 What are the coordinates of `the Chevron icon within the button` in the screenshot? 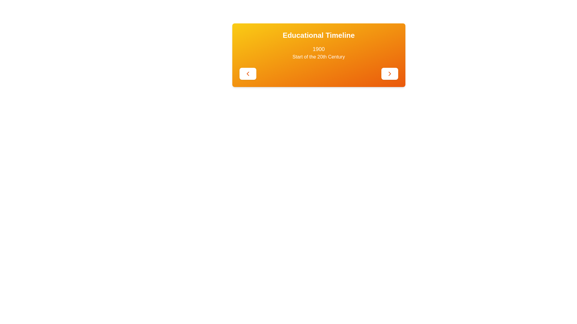 It's located at (248, 73).